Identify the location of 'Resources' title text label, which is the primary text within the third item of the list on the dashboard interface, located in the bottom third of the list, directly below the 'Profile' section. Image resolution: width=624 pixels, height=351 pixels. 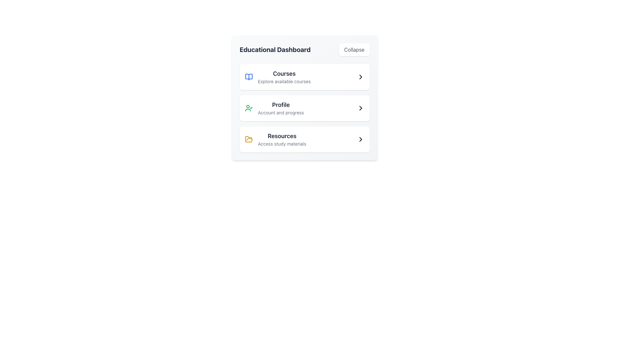
(282, 136).